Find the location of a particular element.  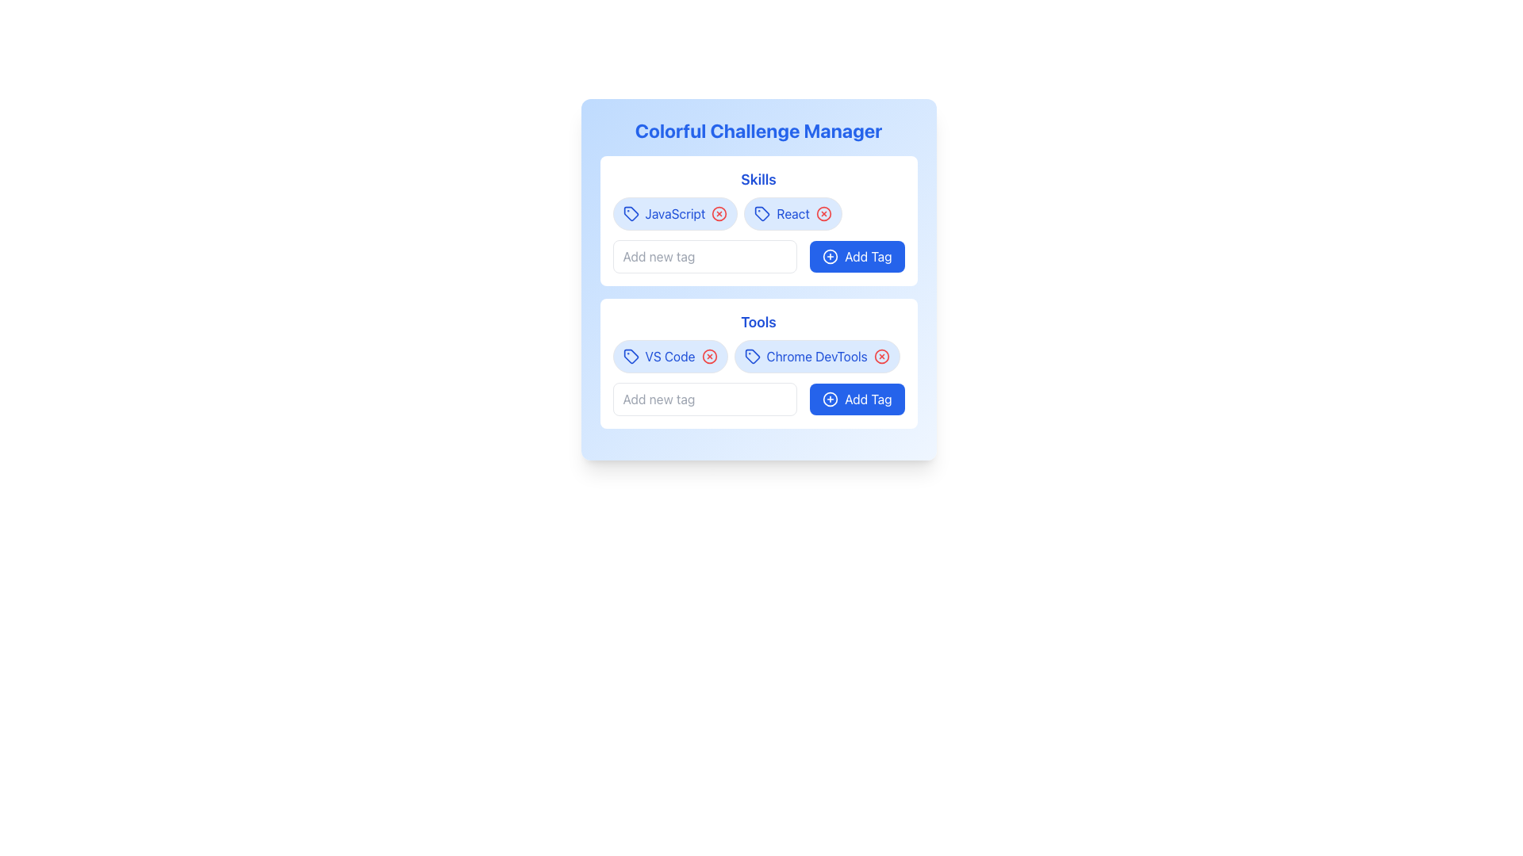

the 'JavaScript' text label within the tag component, which is the first label in the 'Skills' section of the 'Colorful Challenge Manager' card-like layout is located at coordinates (675, 214).